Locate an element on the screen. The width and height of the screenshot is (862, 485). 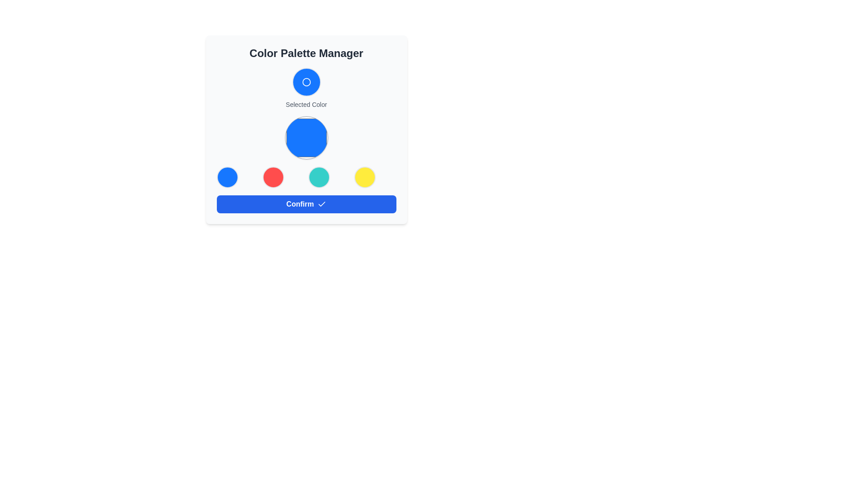
the small white stroke-circle icon that is centrally located within a larger blue circular background, part of the 'Selected Color' component is located at coordinates (306, 82).